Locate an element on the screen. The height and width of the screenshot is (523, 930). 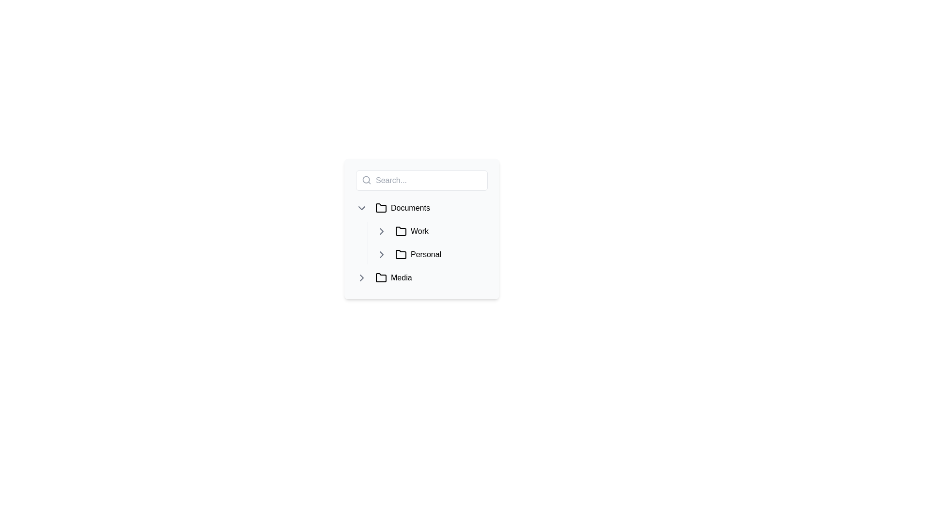
the 'Media' list item with a folder icon is located at coordinates (429, 278).